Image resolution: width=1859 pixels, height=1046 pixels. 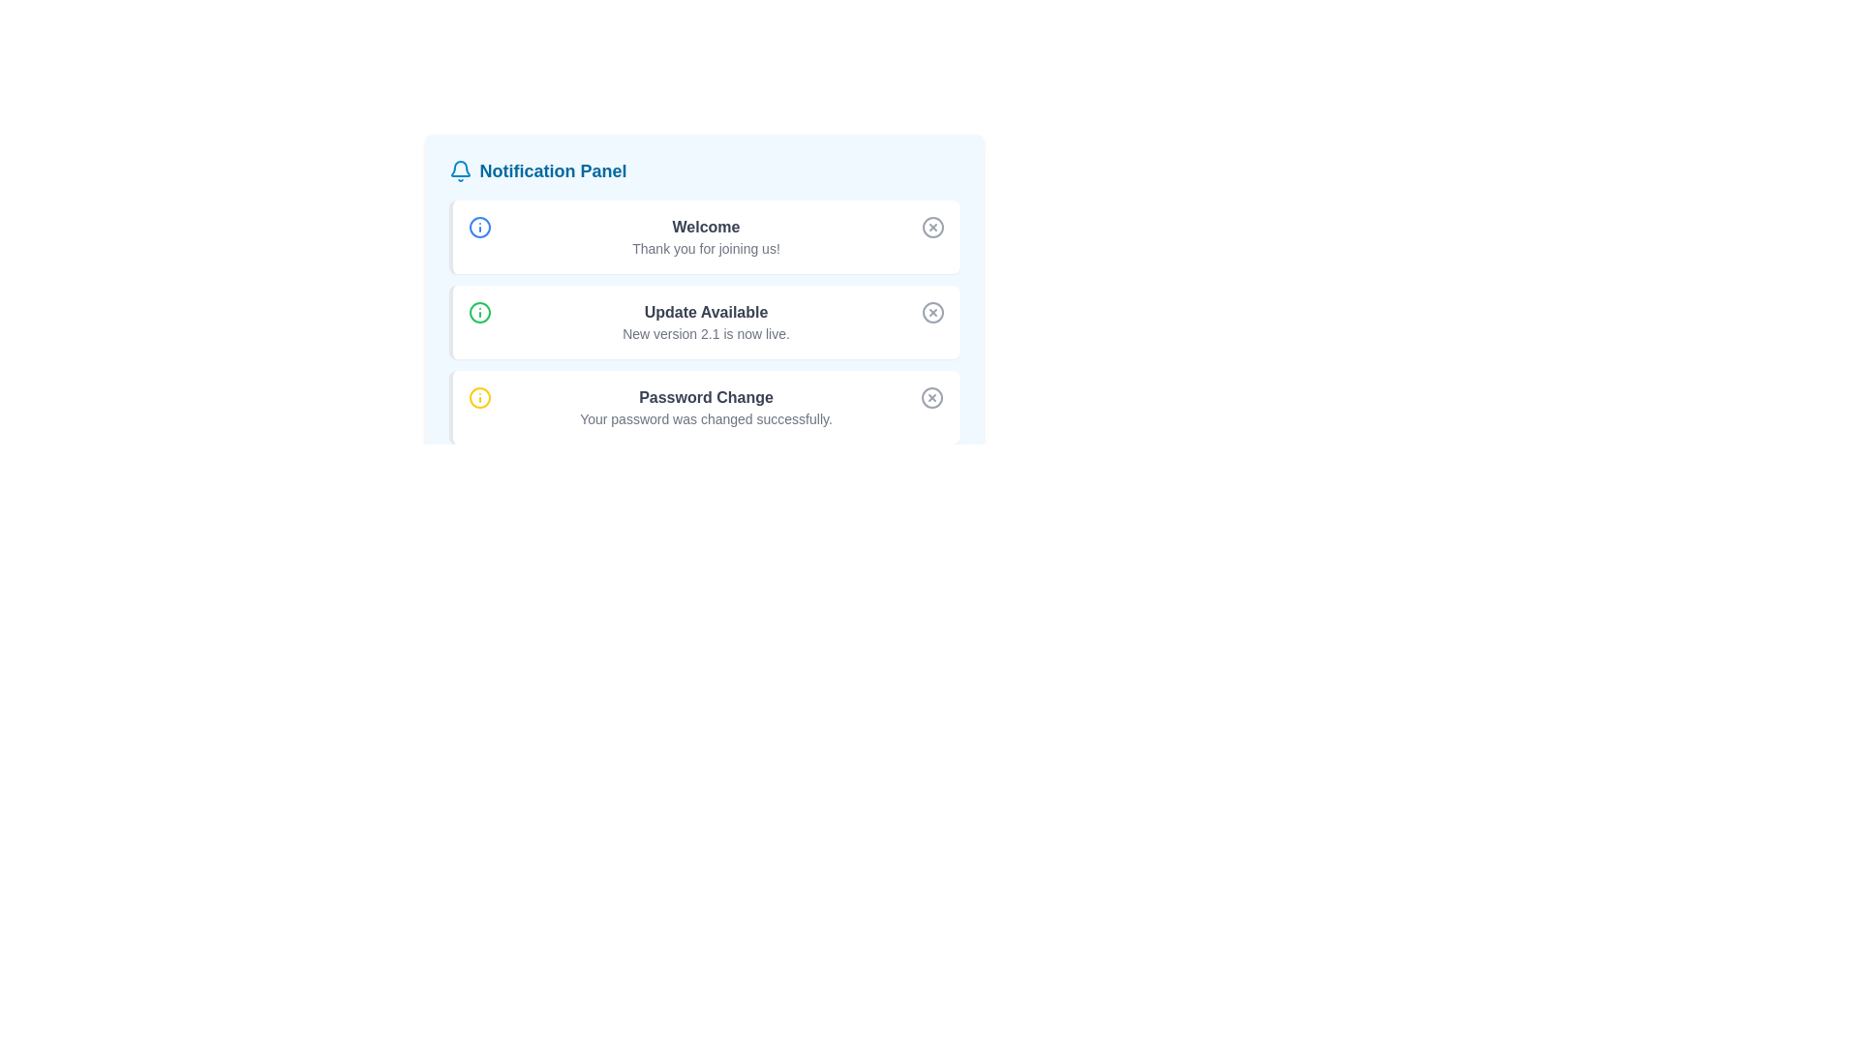 I want to click on text from the 'Password Change' notification block, which contains the title in bold dark gray and a message stating 'Your password was changed successfully.', so click(x=705, y=406).